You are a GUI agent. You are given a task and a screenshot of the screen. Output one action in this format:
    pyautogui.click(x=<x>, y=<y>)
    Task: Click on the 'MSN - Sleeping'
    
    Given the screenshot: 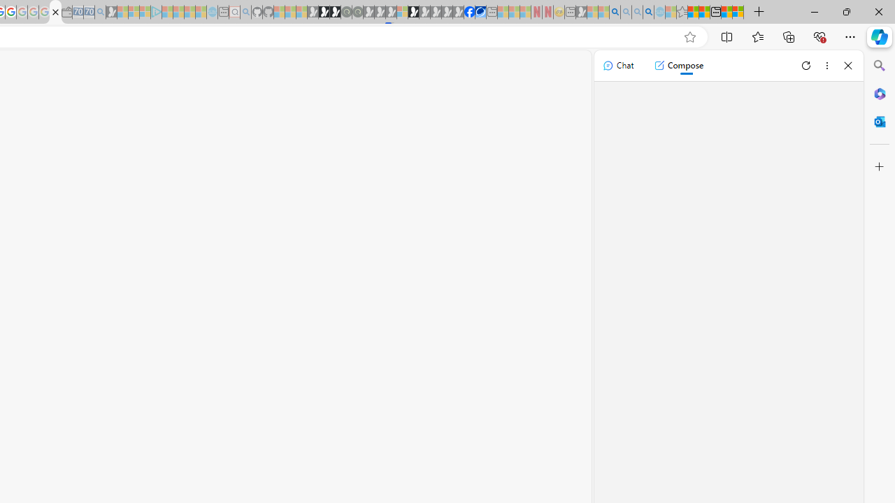 What is the action you would take?
    pyautogui.click(x=581, y=12)
    